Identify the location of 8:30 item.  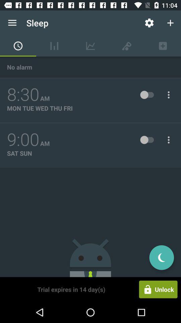
(23, 94).